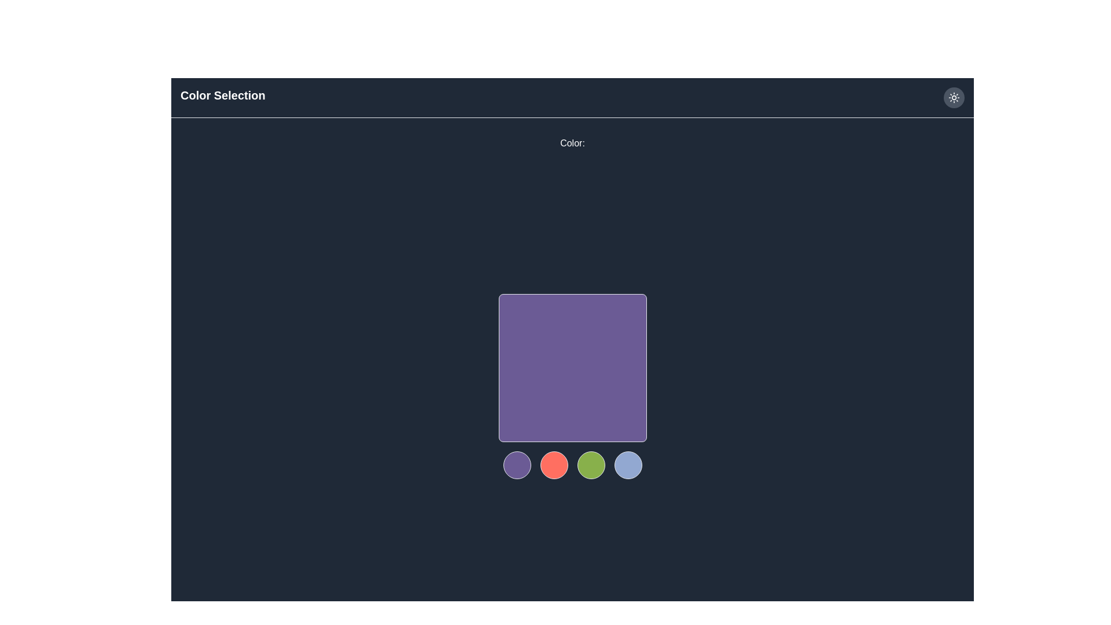  I want to click on the second circle from the left in a horizontal row of four circles, located underneath a large purple square, so click(546, 464).